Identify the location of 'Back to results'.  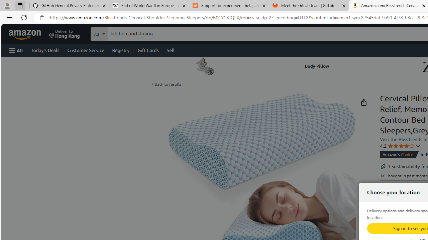
(168, 84).